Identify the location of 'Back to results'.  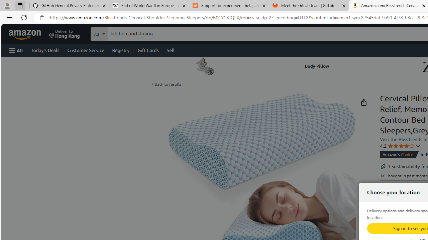
(168, 84).